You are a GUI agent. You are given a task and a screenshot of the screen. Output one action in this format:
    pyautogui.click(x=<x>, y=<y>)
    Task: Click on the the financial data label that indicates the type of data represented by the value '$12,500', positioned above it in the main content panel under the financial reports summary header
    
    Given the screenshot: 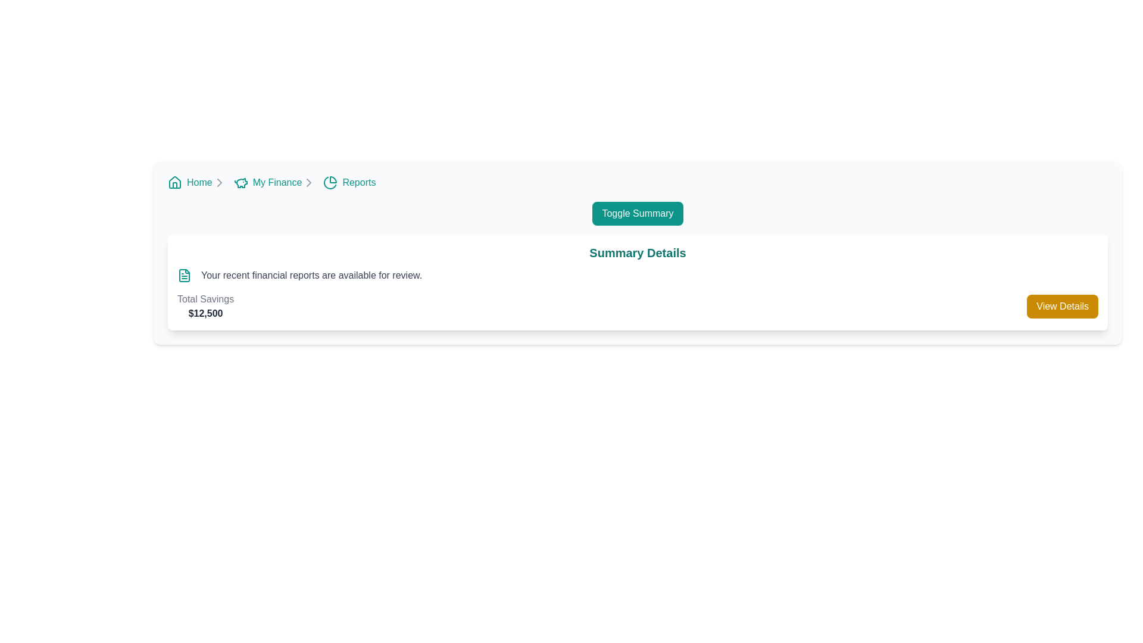 What is the action you would take?
    pyautogui.click(x=205, y=298)
    